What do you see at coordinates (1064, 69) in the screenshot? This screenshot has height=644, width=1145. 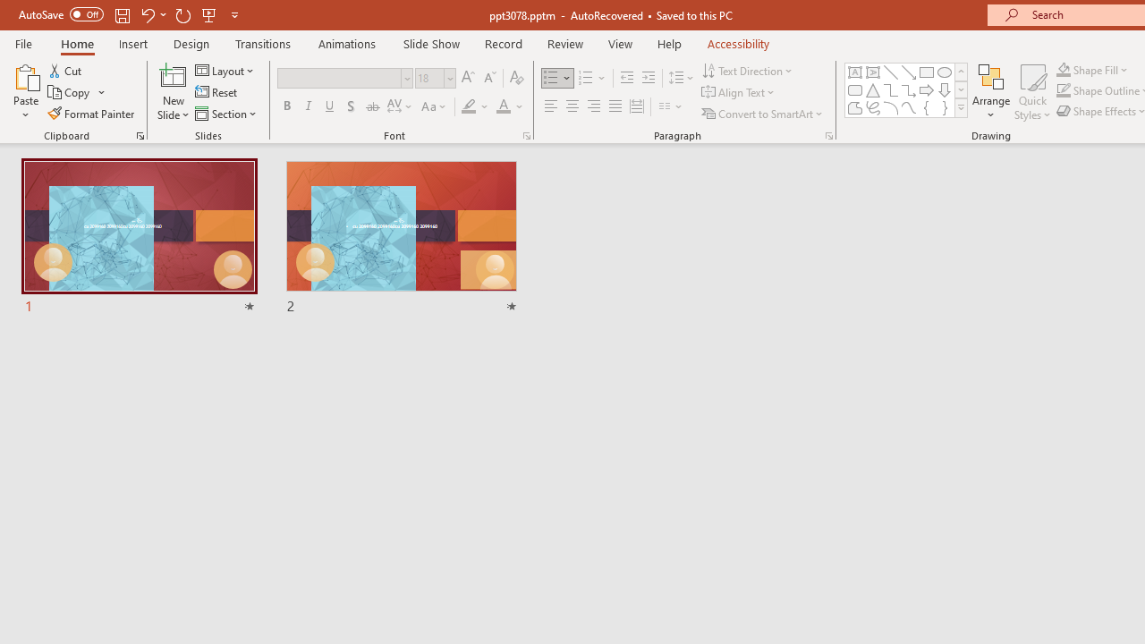 I see `'Shape Fill Dark Green, Accent 2'` at bounding box center [1064, 69].